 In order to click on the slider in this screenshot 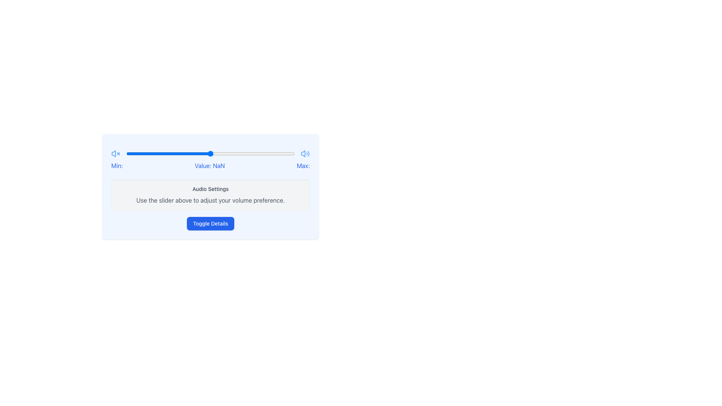, I will do `click(131, 153)`.